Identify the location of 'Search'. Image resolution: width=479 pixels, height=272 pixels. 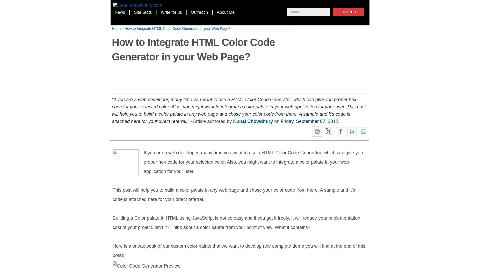
(341, 12).